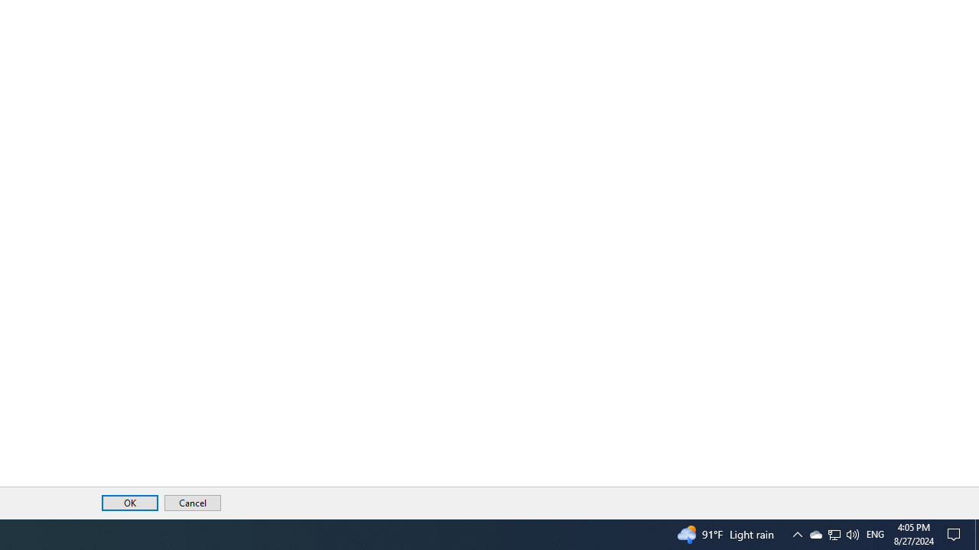 The image size is (979, 550). Describe the element at coordinates (192, 503) in the screenshot. I see `'Cancel'` at that location.